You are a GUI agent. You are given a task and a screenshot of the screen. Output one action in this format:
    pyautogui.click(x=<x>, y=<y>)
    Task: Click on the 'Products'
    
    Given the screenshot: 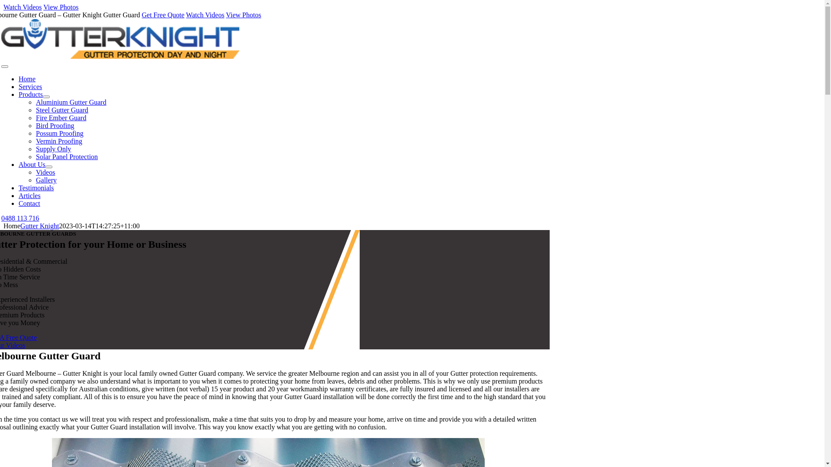 What is the action you would take?
    pyautogui.click(x=31, y=94)
    